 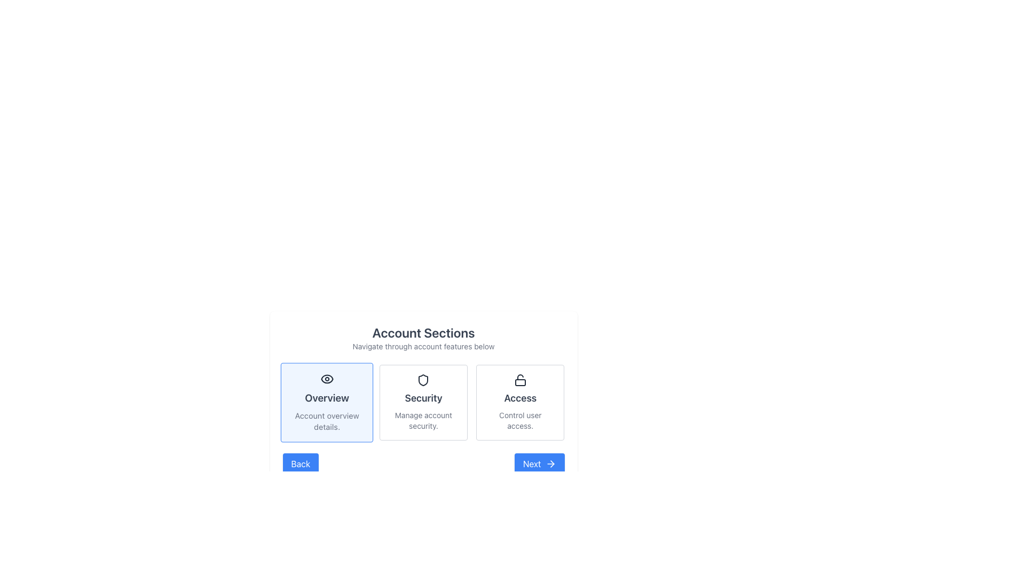 What do you see at coordinates (520, 382) in the screenshot?
I see `the lower rectangular component of the open lock icon within the 'Access' card, which is the third option under the 'Account Sections' header` at bounding box center [520, 382].